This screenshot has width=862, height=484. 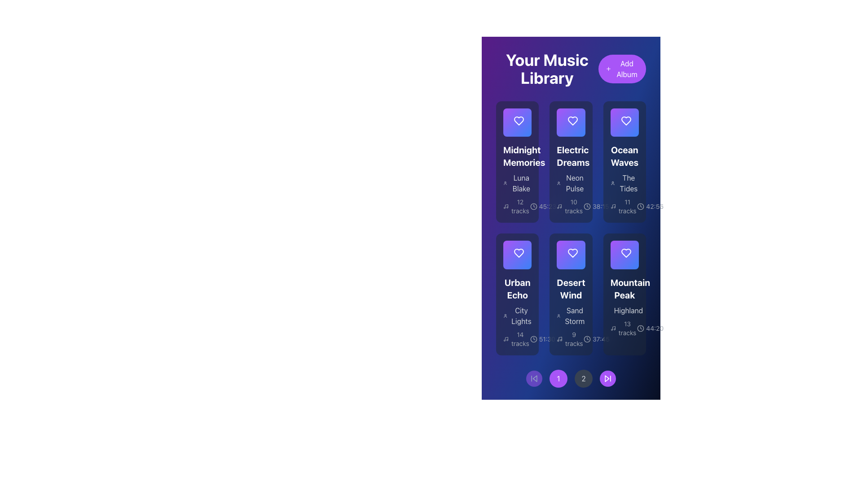 I want to click on the text label that displays the title of a music album in the user's library, positioned in the second column of the first row of the album grid layout, so click(x=571, y=156).